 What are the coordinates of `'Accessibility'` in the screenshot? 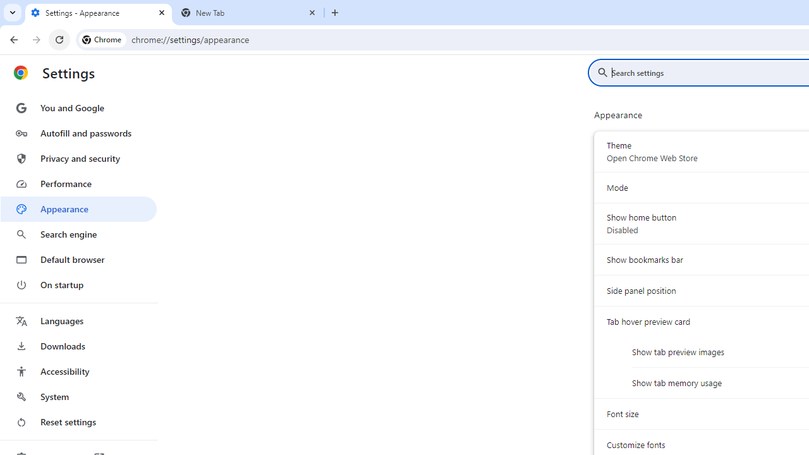 It's located at (78, 370).